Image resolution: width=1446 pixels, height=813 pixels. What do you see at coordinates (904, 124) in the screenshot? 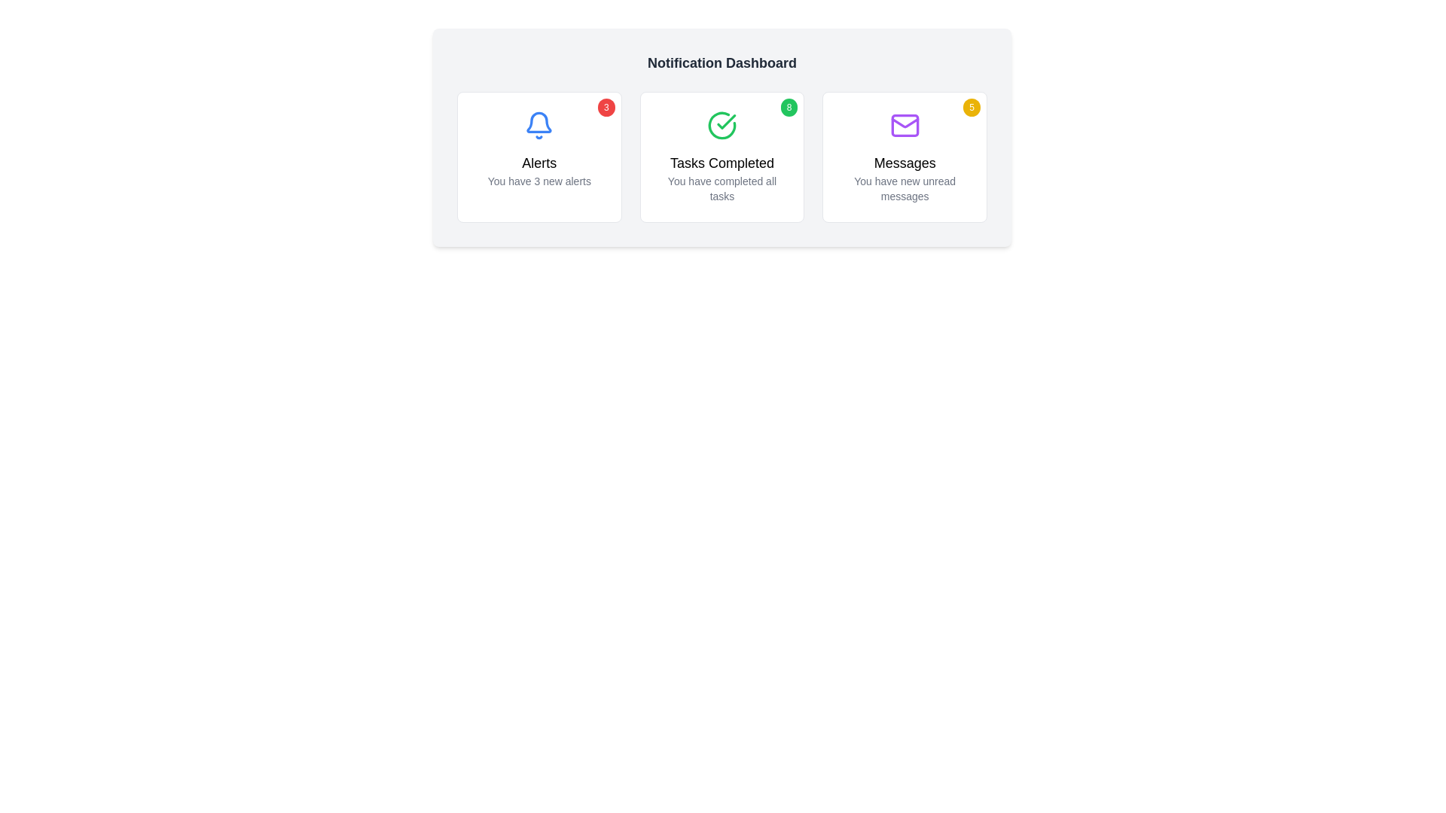
I see `the decorative envelope icon representing 'Messages' within the notification card, which is located on the right side of the three-card row` at bounding box center [904, 124].